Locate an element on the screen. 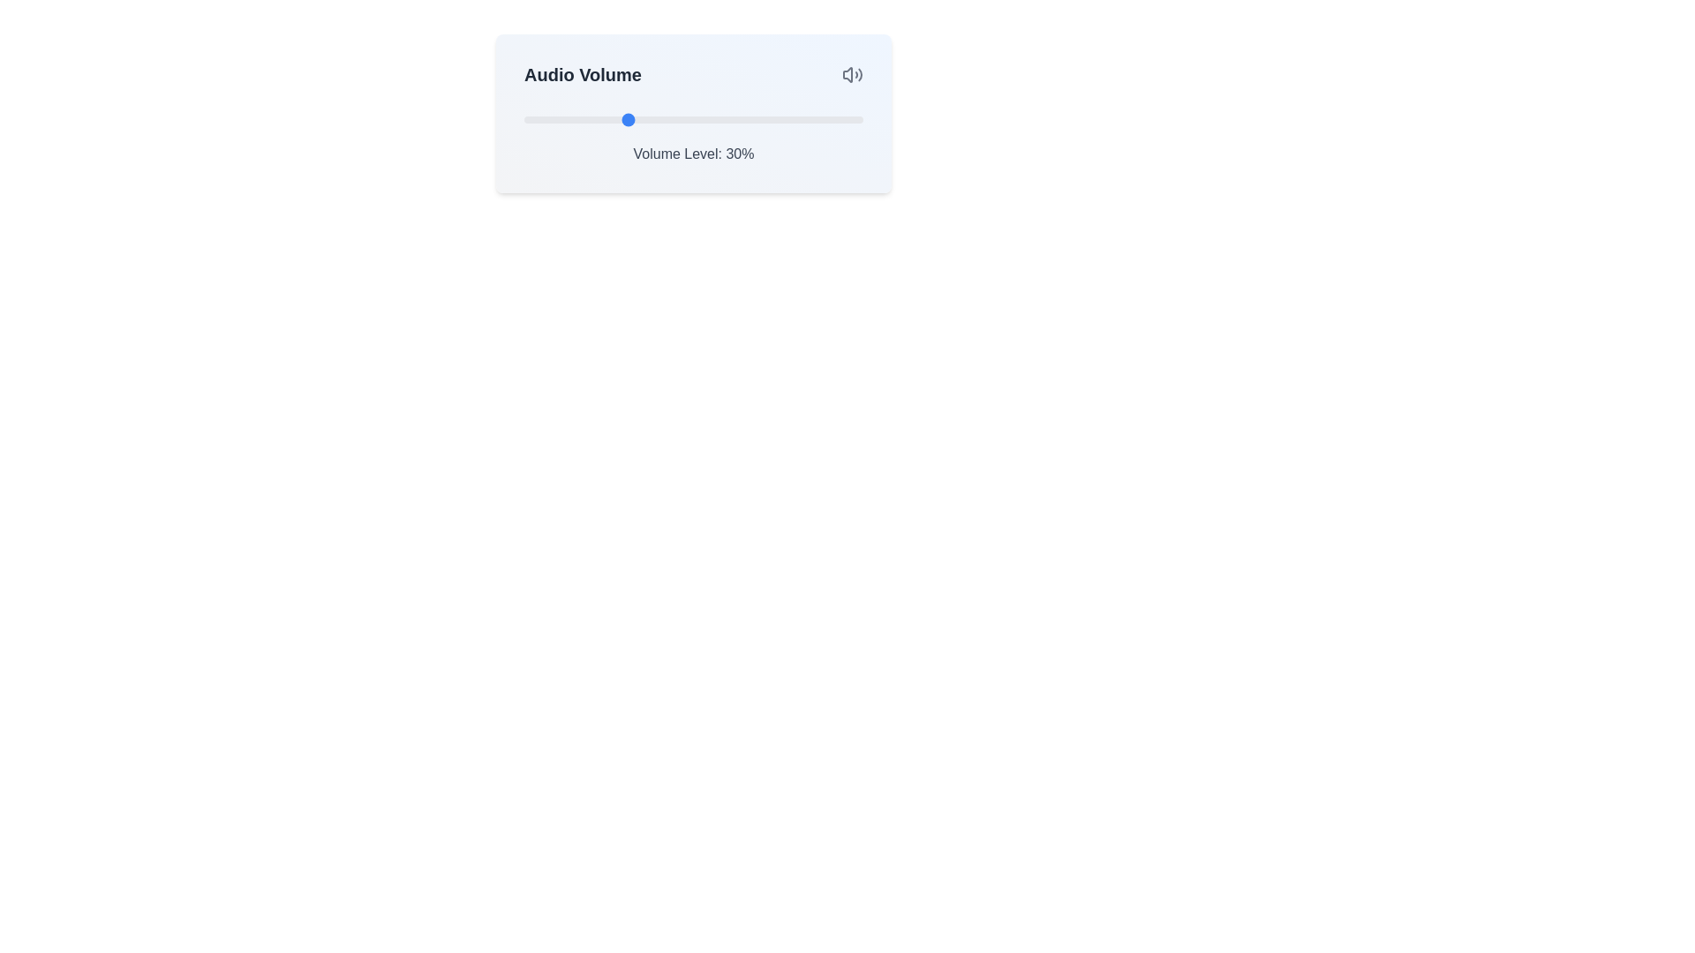 Image resolution: width=1695 pixels, height=953 pixels. the volume level is located at coordinates (720, 119).